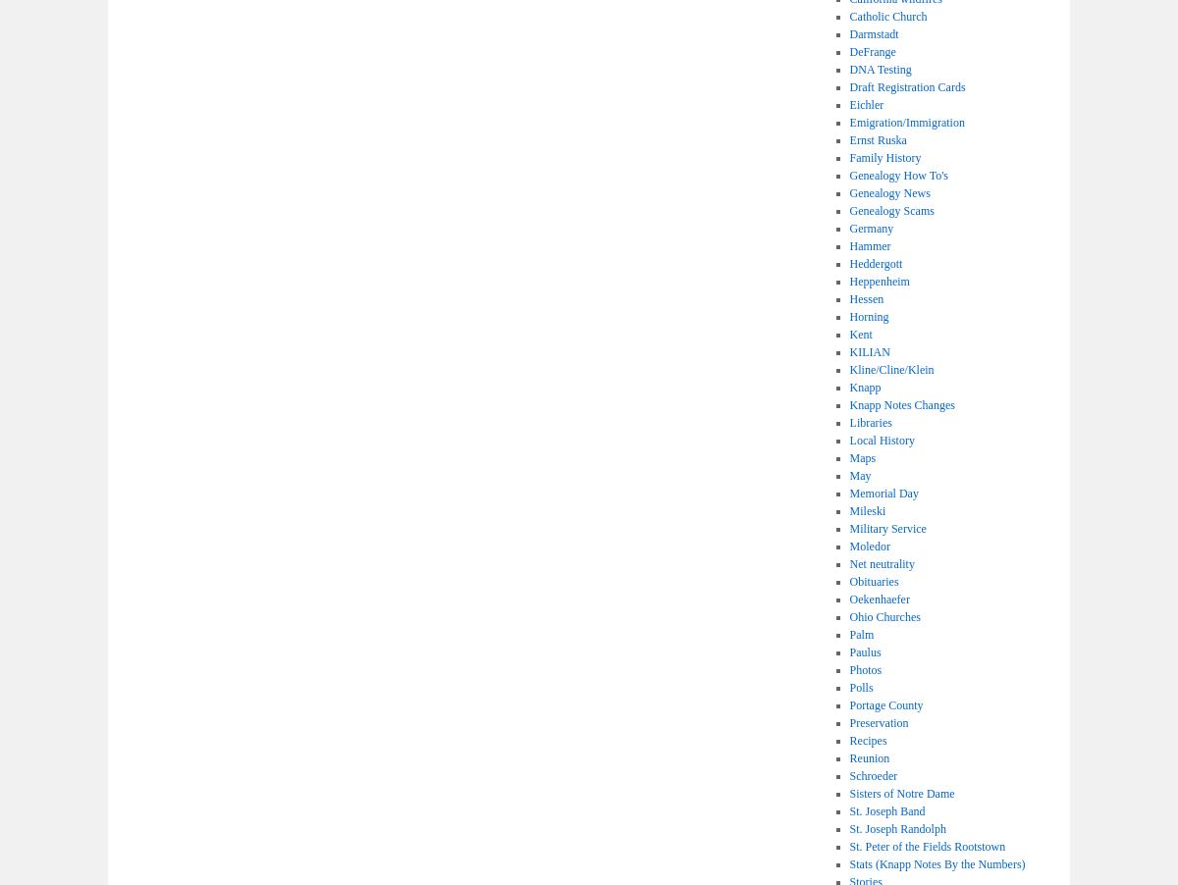 This screenshot has width=1178, height=885. I want to click on 'Maps', so click(861, 456).